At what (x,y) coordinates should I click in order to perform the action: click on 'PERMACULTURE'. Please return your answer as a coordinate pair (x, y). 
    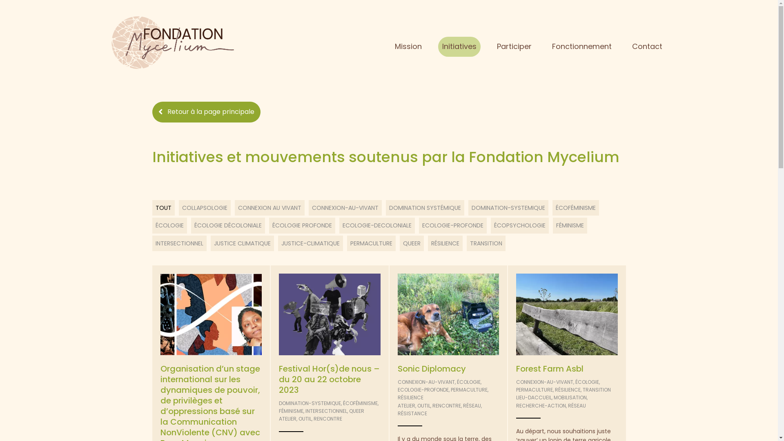
    Looking at the image, I should click on (535, 389).